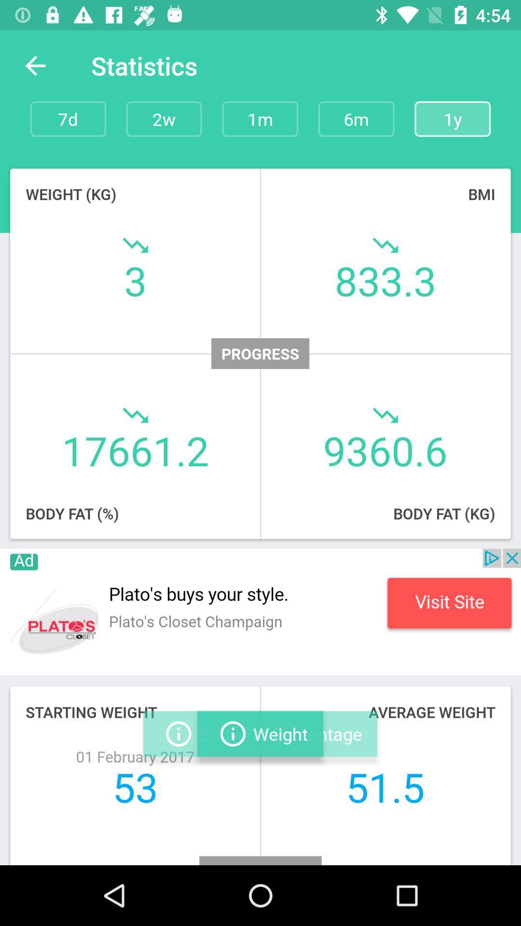  What do you see at coordinates (260, 611) in the screenshot?
I see `advertisement page` at bounding box center [260, 611].